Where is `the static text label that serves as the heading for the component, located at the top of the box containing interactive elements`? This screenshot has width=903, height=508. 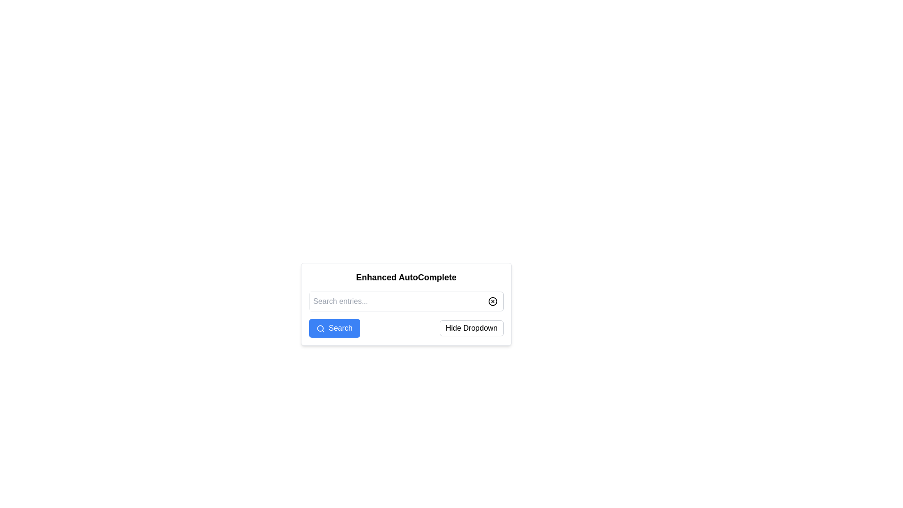
the static text label that serves as the heading for the component, located at the top of the box containing interactive elements is located at coordinates (406, 277).